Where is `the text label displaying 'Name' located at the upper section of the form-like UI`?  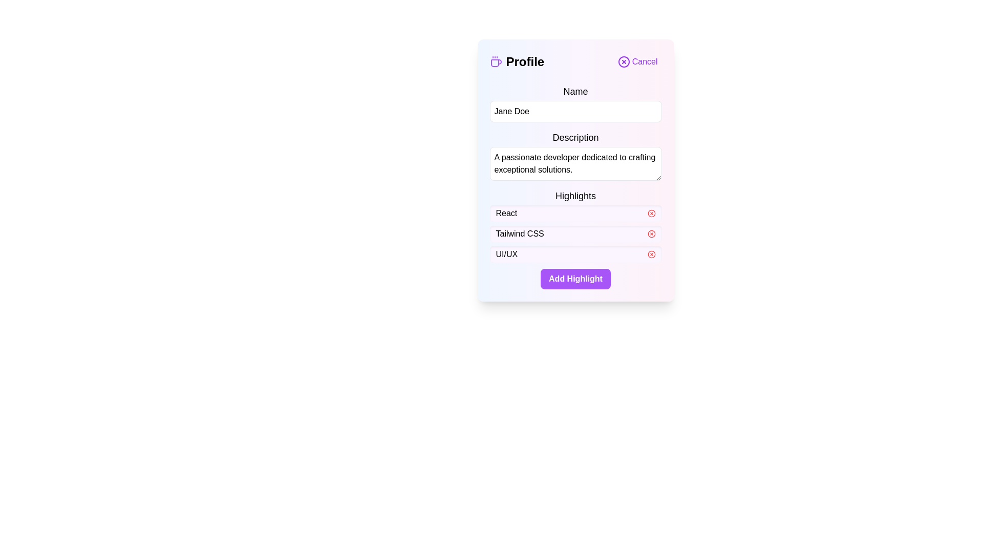
the text label displaying 'Name' located at the upper section of the form-like UI is located at coordinates (575, 91).